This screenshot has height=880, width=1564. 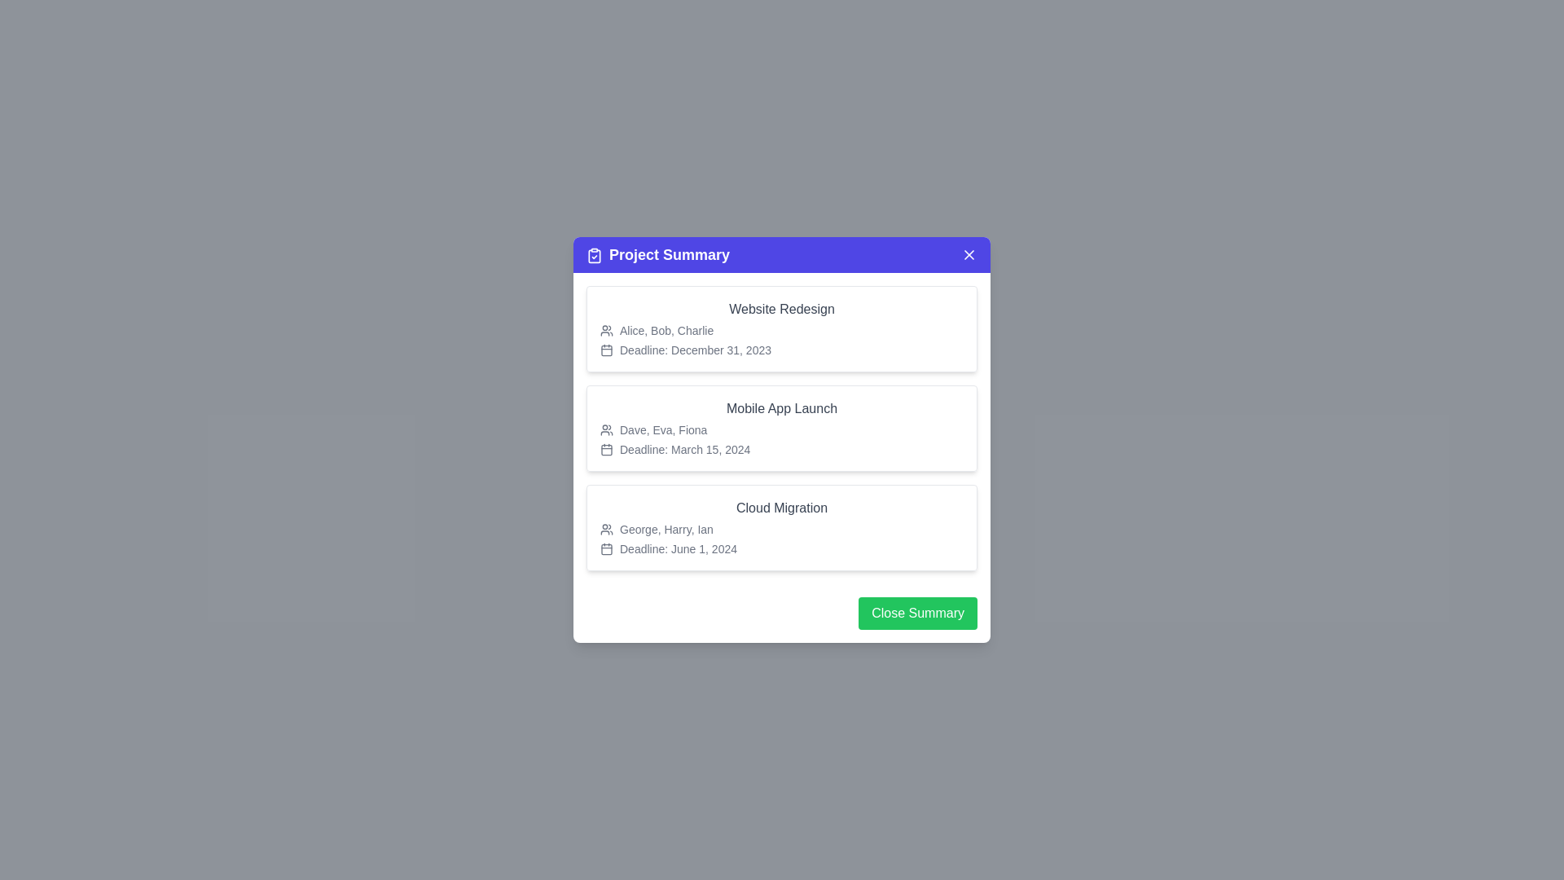 I want to click on 'Close Summary' button to close the dialog, so click(x=918, y=613).